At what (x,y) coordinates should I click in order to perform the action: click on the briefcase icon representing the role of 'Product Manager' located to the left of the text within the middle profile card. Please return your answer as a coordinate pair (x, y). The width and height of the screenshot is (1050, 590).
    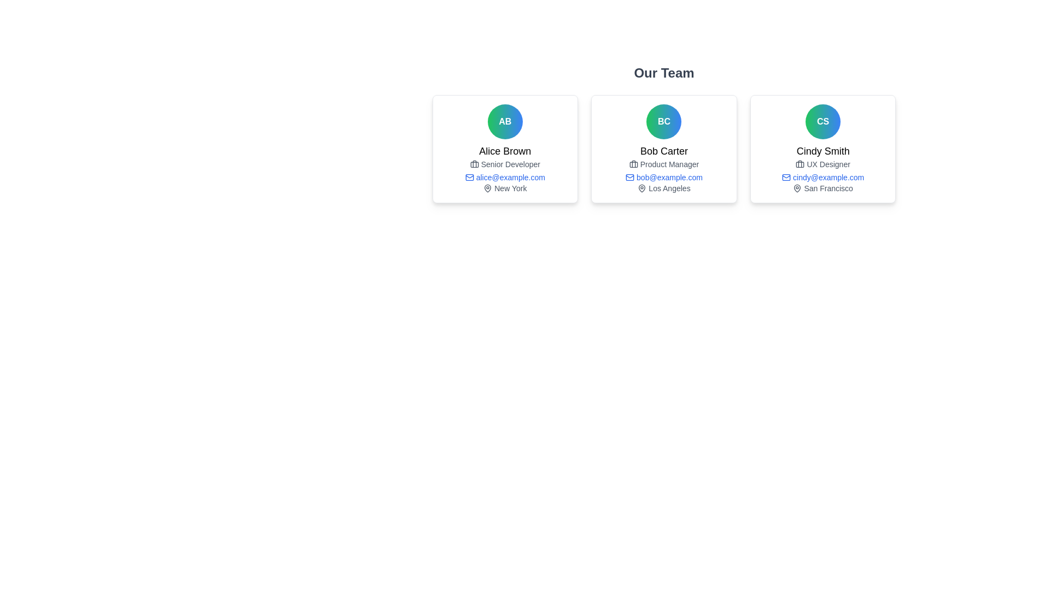
    Looking at the image, I should click on (633, 164).